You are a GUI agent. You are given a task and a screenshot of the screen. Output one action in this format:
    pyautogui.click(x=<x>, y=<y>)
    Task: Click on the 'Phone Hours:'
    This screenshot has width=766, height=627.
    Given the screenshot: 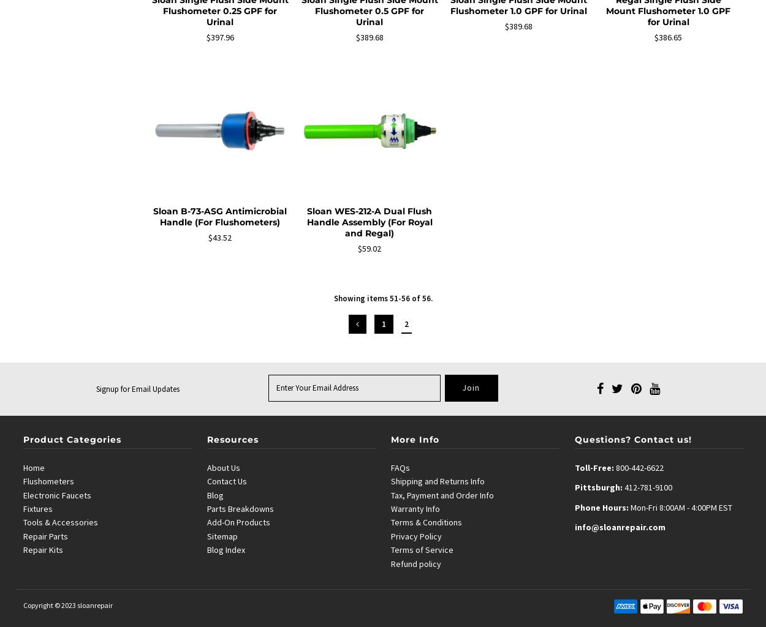 What is the action you would take?
    pyautogui.click(x=601, y=506)
    